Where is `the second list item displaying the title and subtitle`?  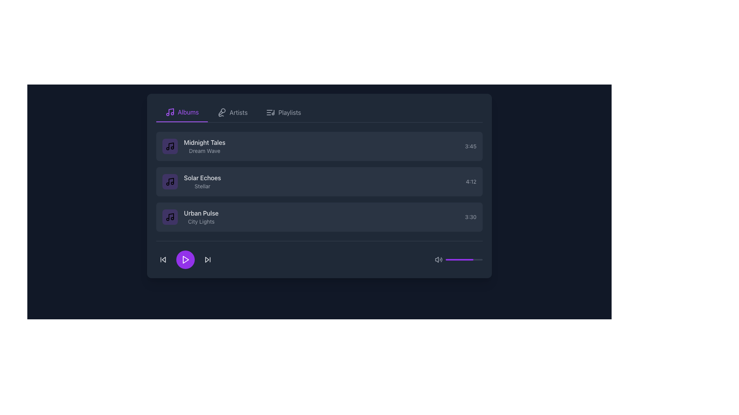 the second list item displaying the title and subtitle is located at coordinates (192, 182).